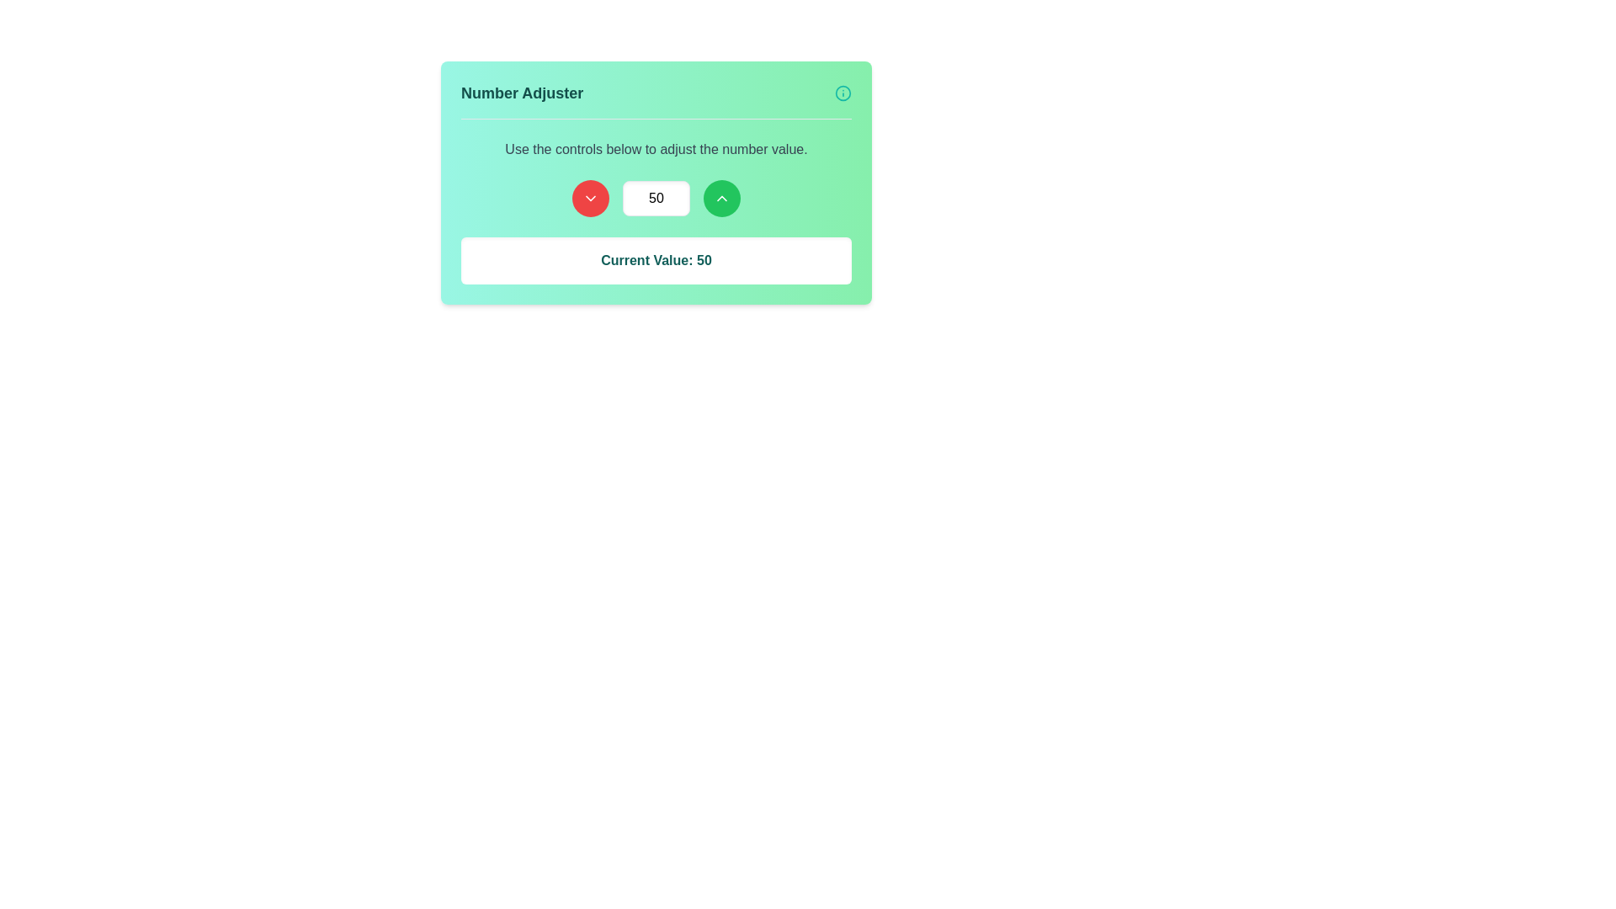 This screenshot has height=909, width=1616. Describe the element at coordinates (843, 93) in the screenshot. I see `the Icon located at the top-right corner of the 'Number Adjuster' section, which displays information or hints related to that section` at that location.